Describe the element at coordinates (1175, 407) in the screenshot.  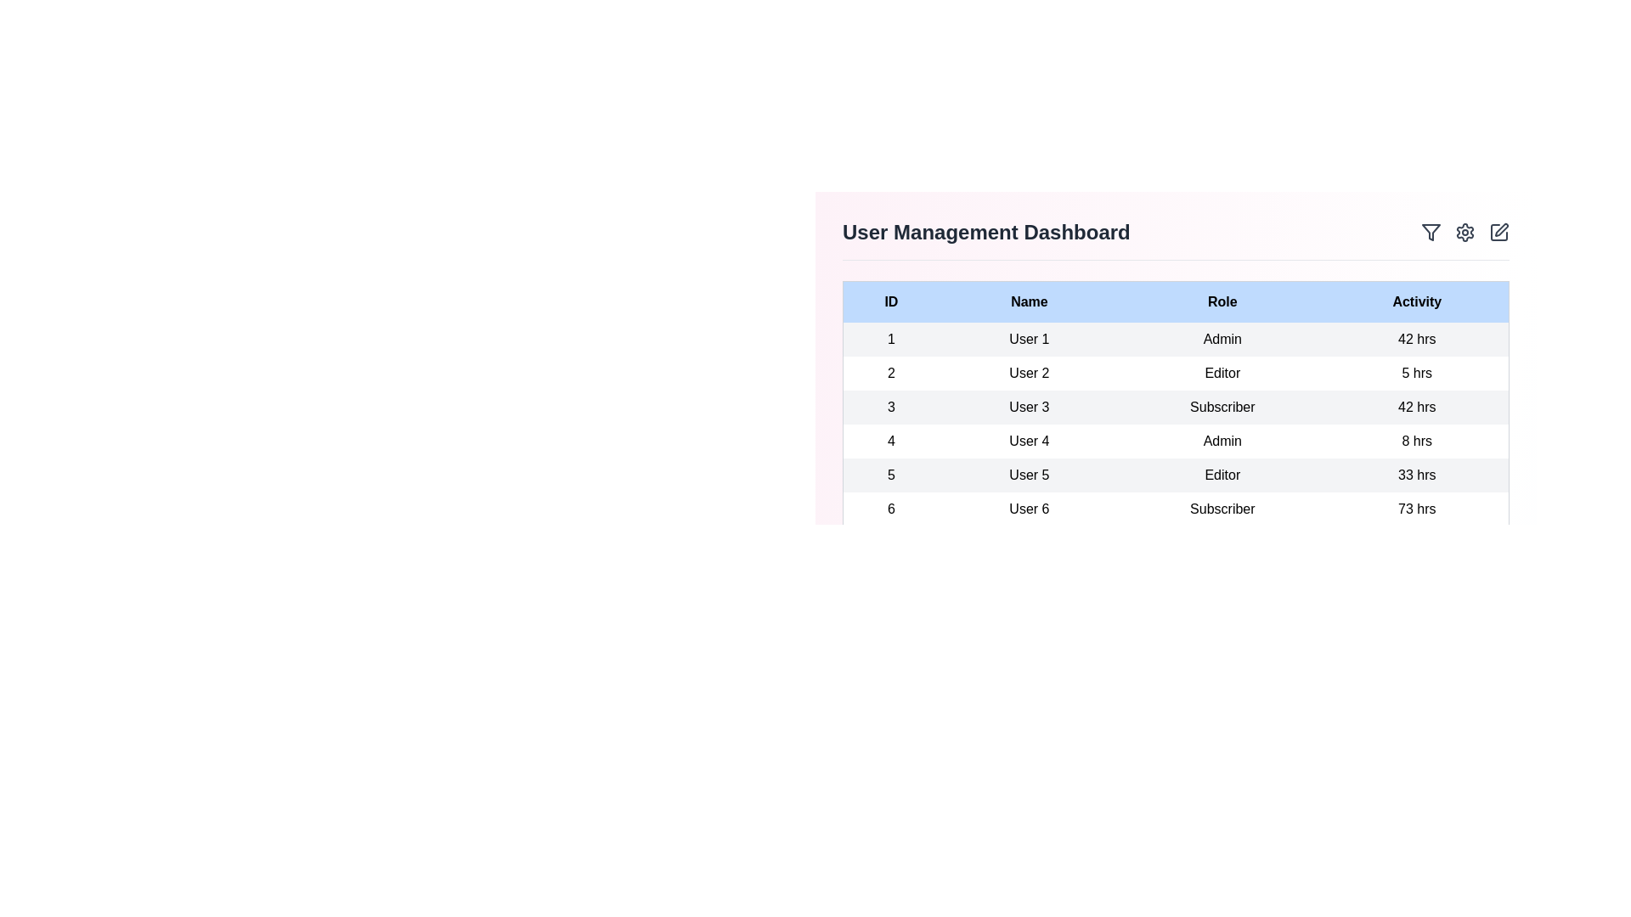
I see `the row corresponding to user ID 3` at that location.